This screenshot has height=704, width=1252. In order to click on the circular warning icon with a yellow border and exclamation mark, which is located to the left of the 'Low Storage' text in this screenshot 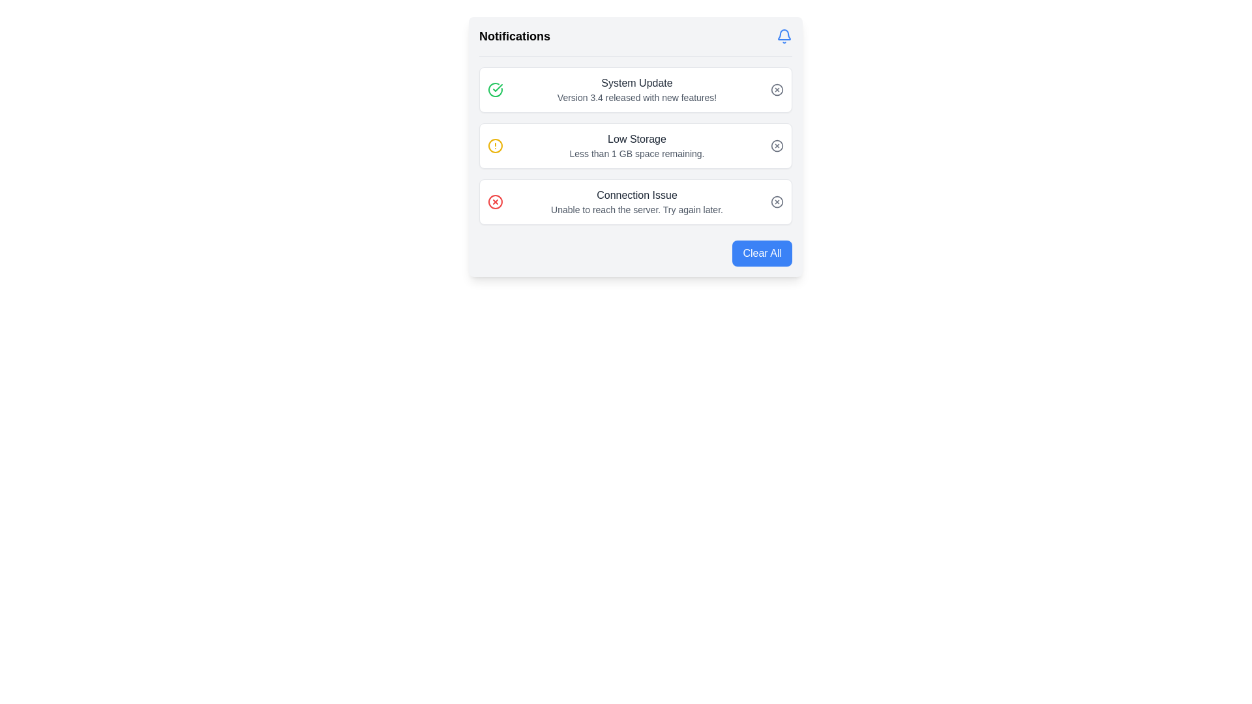, I will do `click(494, 145)`.